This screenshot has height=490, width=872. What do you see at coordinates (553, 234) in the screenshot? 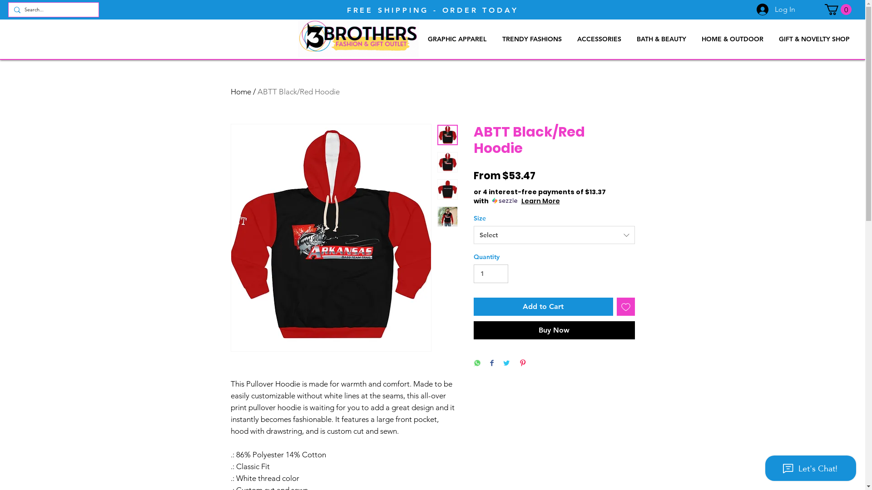
I see `'Select'` at bounding box center [553, 234].